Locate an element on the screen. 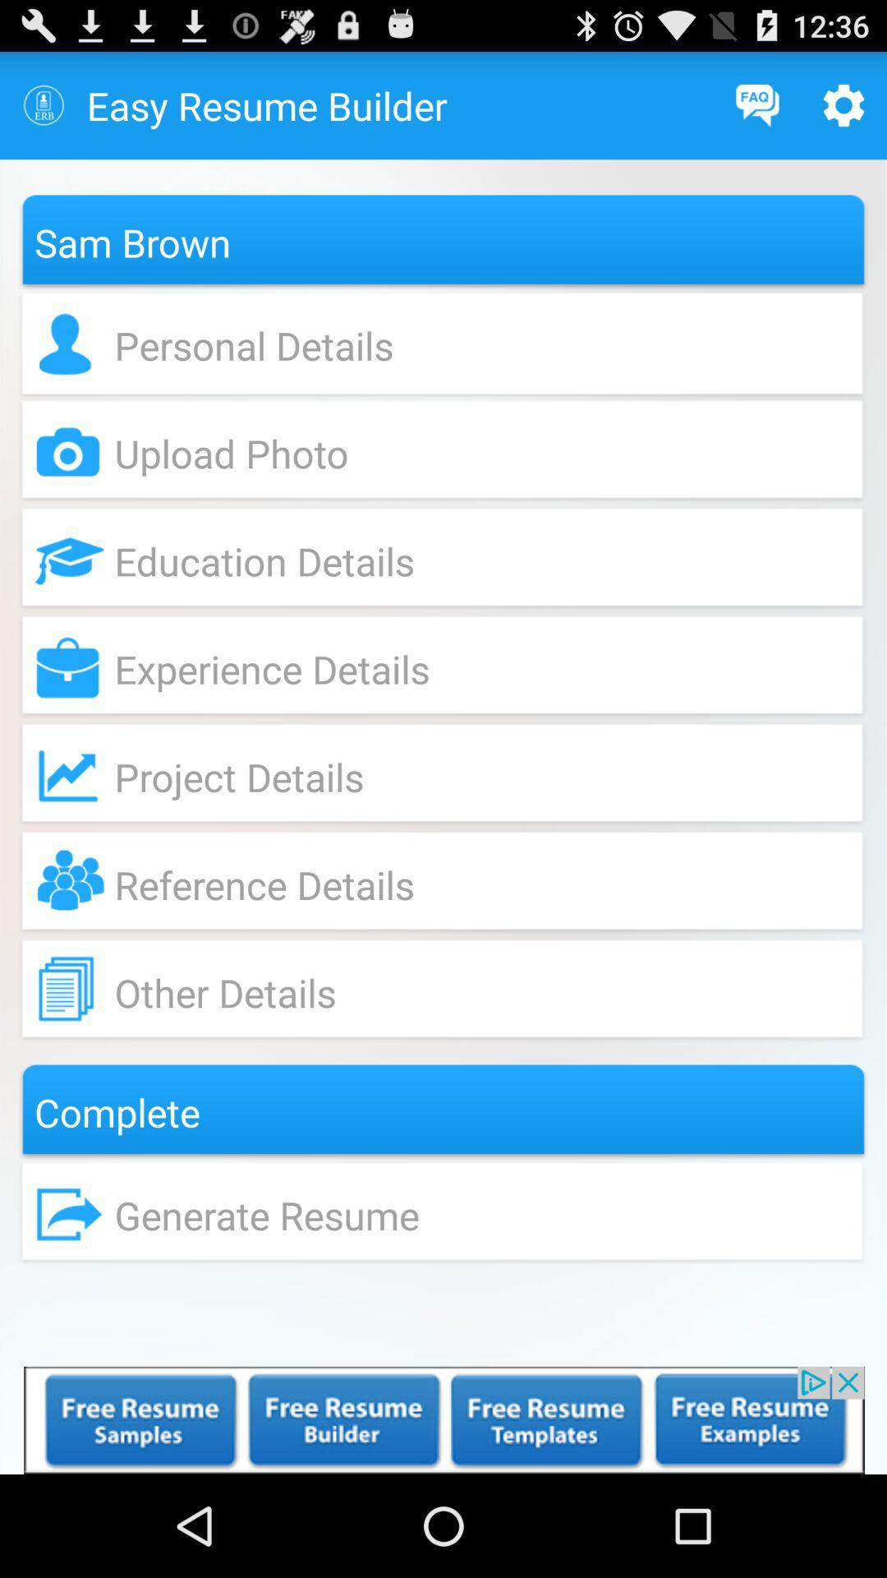  settings is located at coordinates (843, 104).